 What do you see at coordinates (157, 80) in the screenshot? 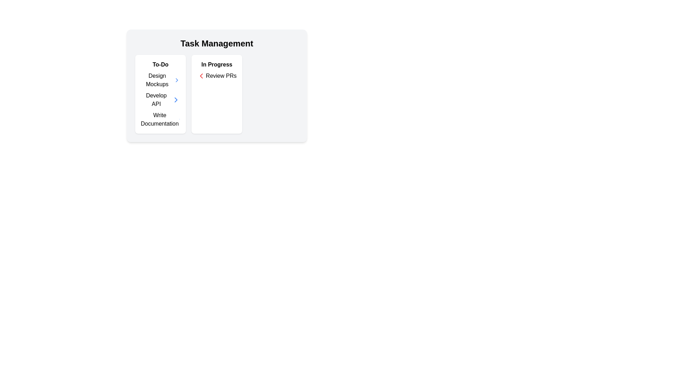
I see `the text label 'Design Mockups' in the To-Do section` at bounding box center [157, 80].